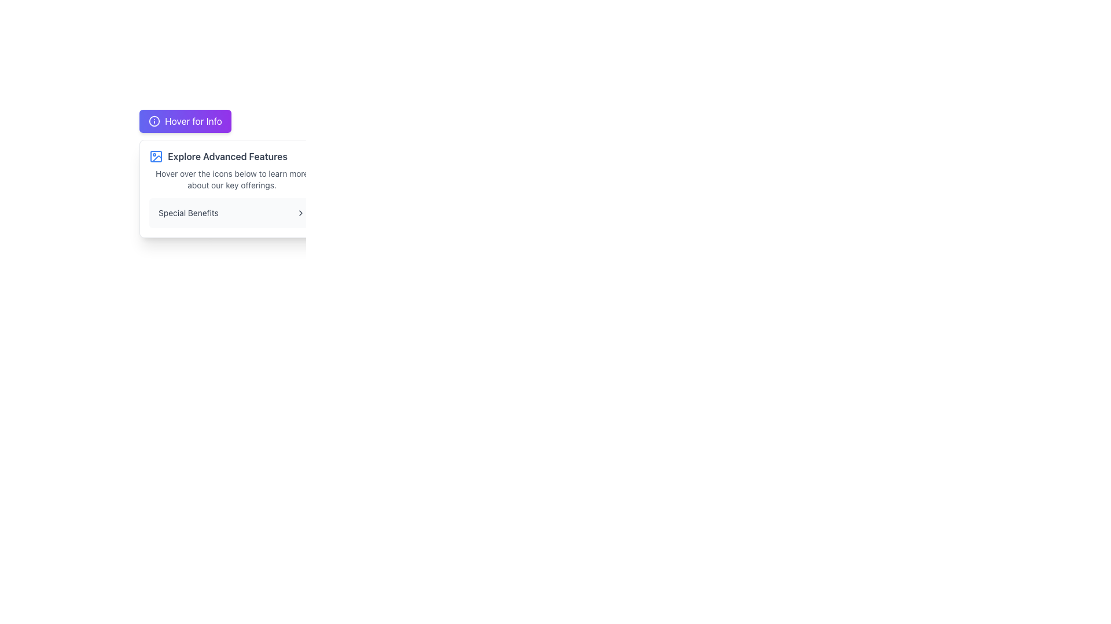  Describe the element at coordinates (231, 180) in the screenshot. I see `the text component displaying 'Hover over the icons below to learn more about our key offerings.' which is styled in gray color and located below the bold header 'Explore Advanced Features.'` at that location.